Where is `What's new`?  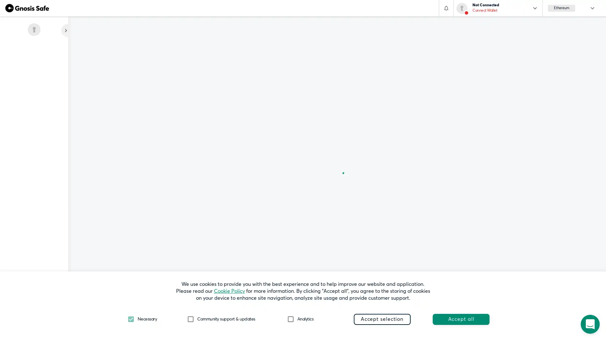 What's new is located at coordinates (34, 314).